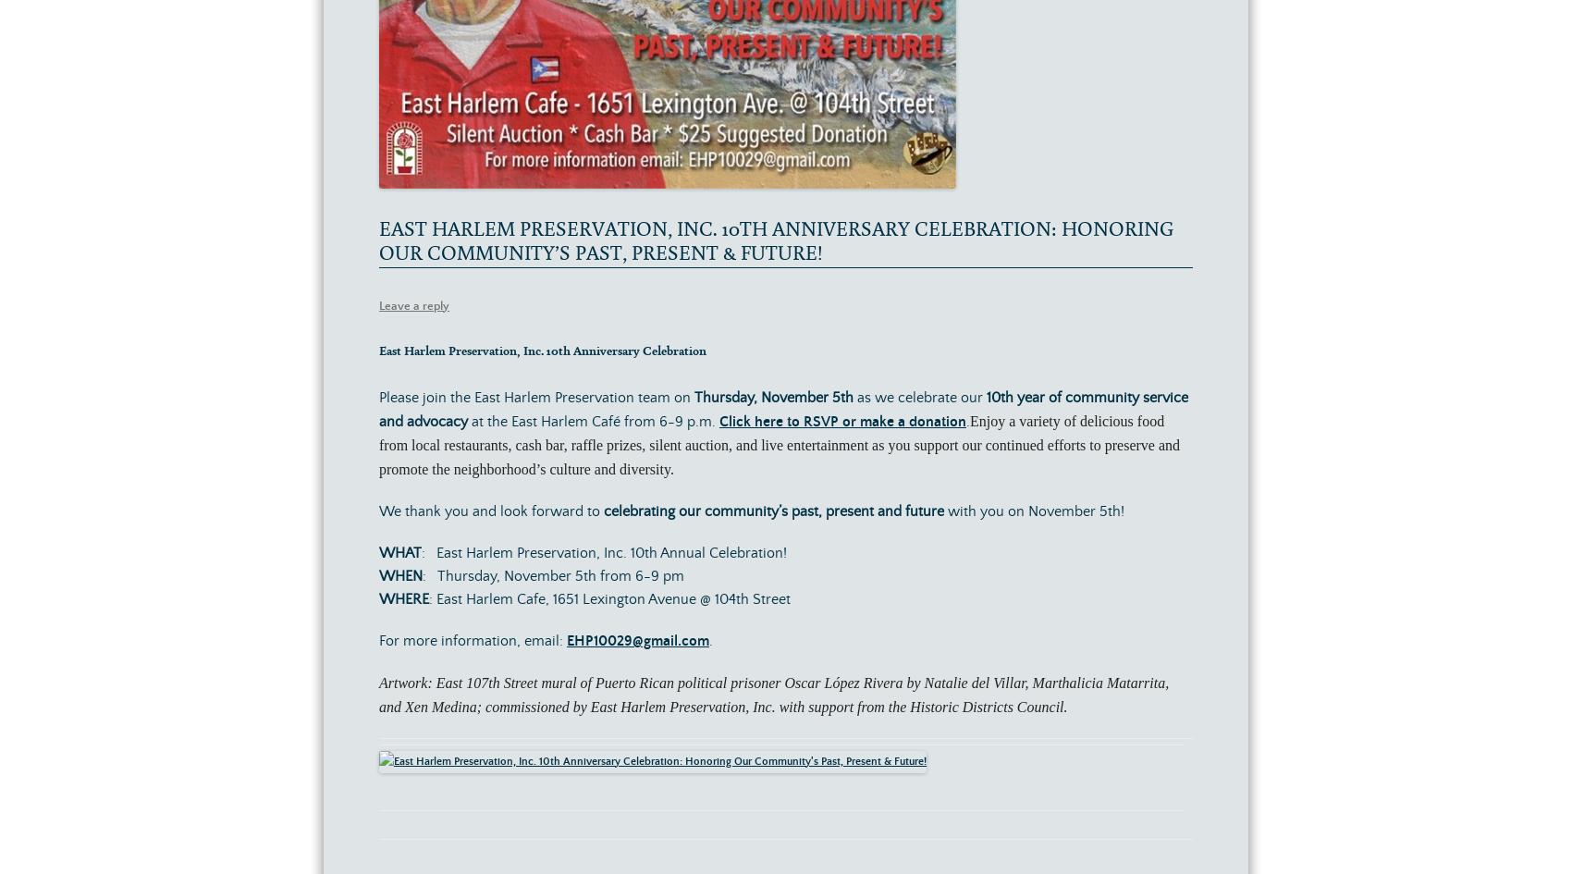  What do you see at coordinates (604, 551) in the screenshot?
I see `':   East Harlem Preservation, Inc. 10th Annual Celebration!'` at bounding box center [604, 551].